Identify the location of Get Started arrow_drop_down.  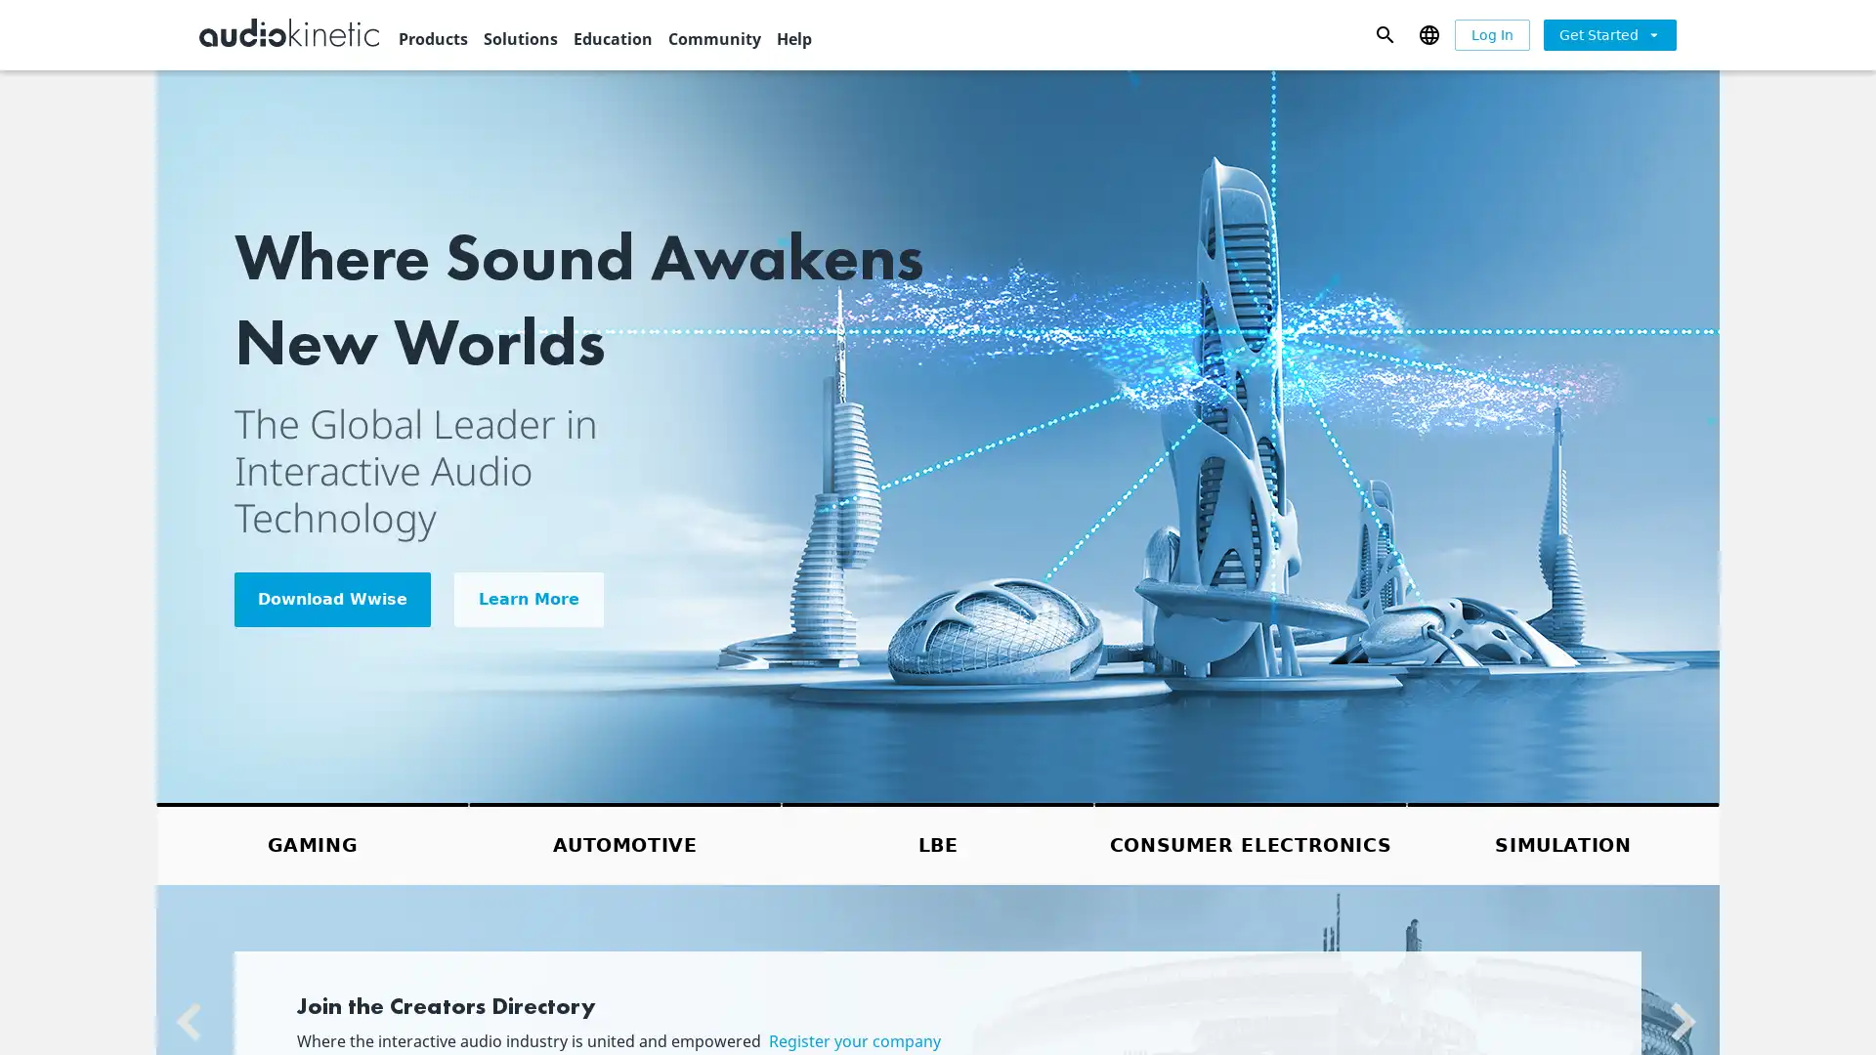
(1609, 33).